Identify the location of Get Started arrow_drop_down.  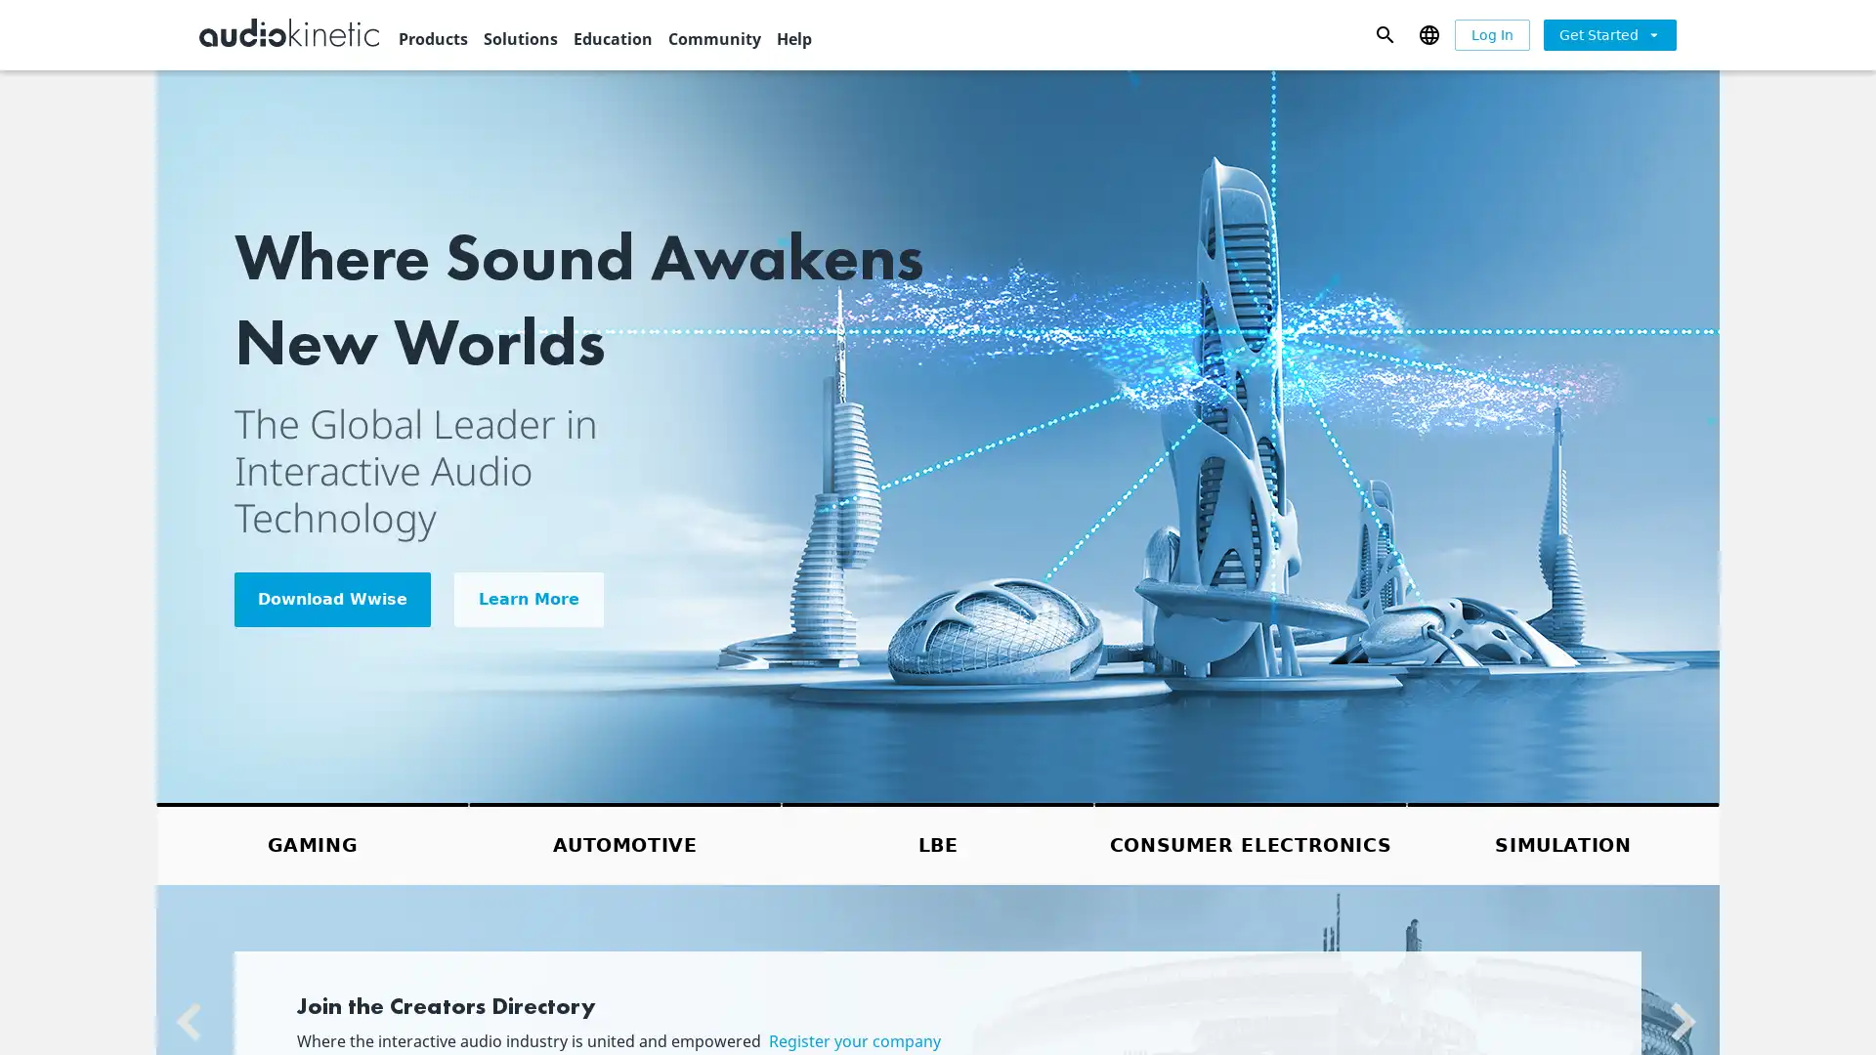
(1609, 33).